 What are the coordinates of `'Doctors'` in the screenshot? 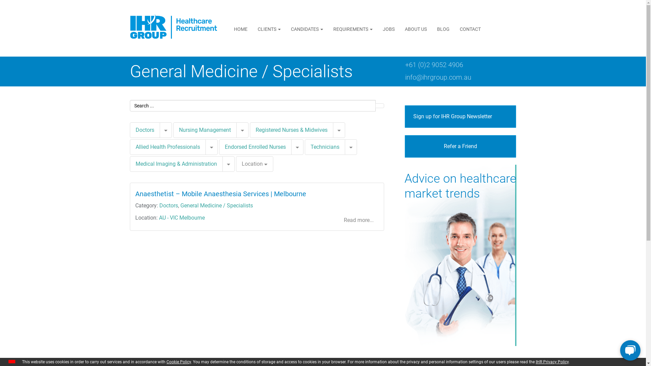 It's located at (144, 130).